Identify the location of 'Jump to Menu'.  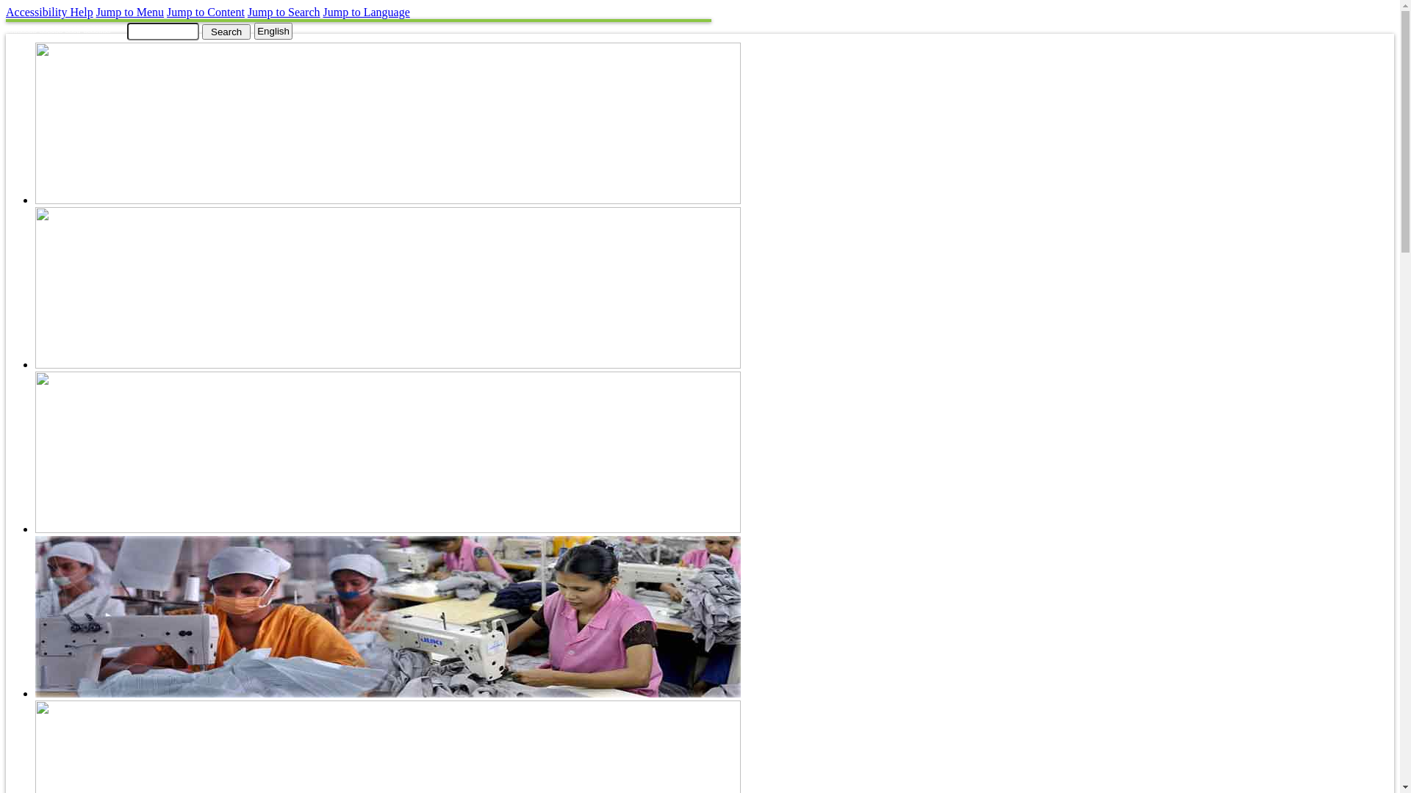
(130, 12).